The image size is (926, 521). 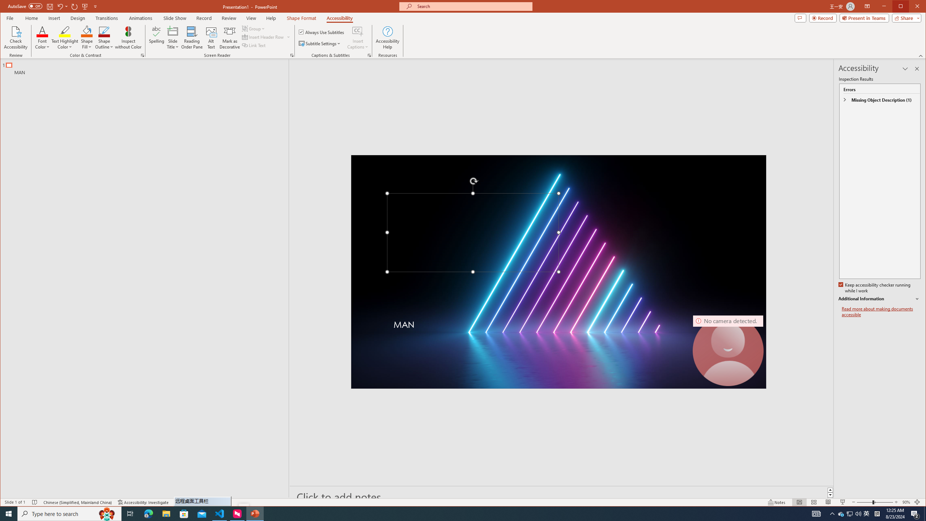 I want to click on 'Neon laser lights aligned to form a triangle', so click(x=558, y=271).